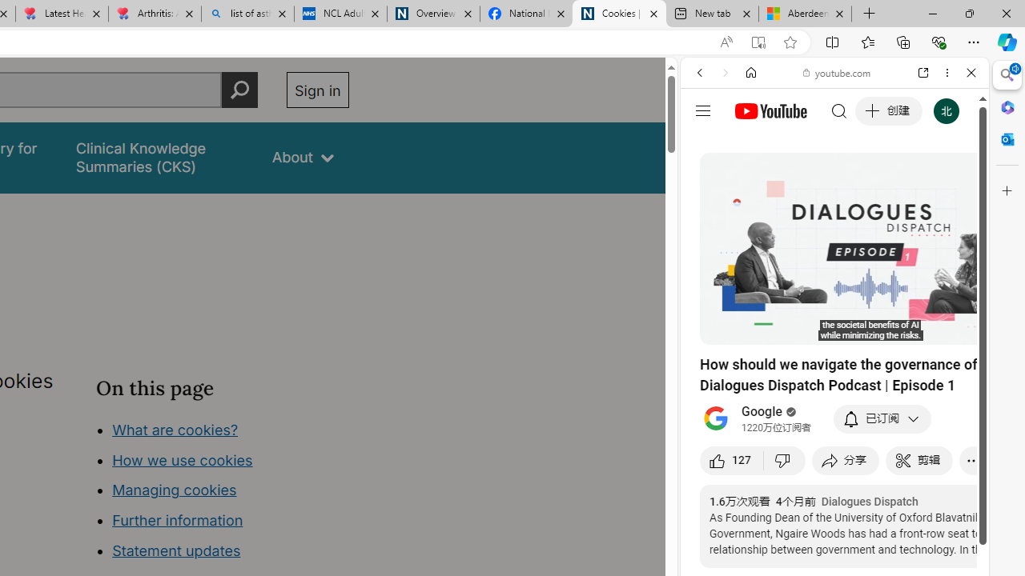 The width and height of the screenshot is (1025, 576). Describe the element at coordinates (239, 90) in the screenshot. I see `'Perform search'` at that location.